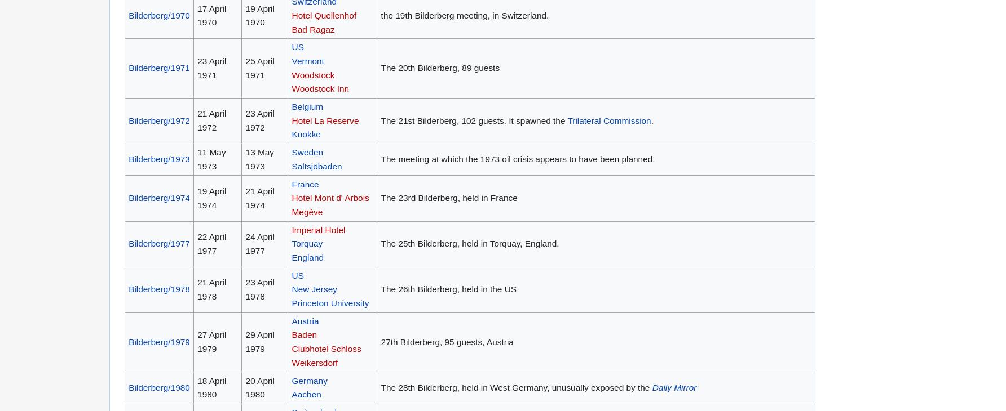  What do you see at coordinates (292, 302) in the screenshot?
I see `'Princeton University'` at bounding box center [292, 302].